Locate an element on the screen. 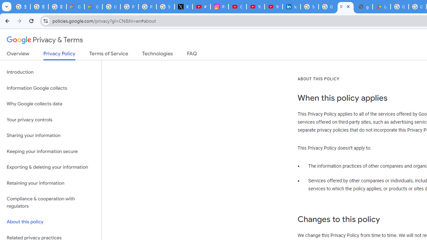 Image resolution: width=427 pixels, height=240 pixels. 'Privacy & Terms' is located at coordinates (45, 40).